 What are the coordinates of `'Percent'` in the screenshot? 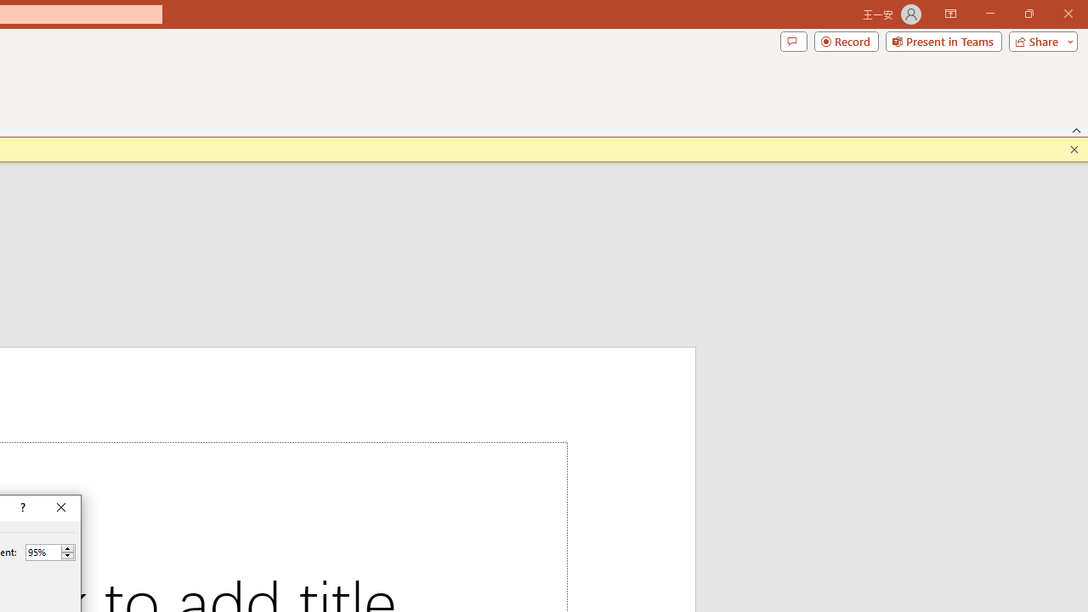 It's located at (42, 552).